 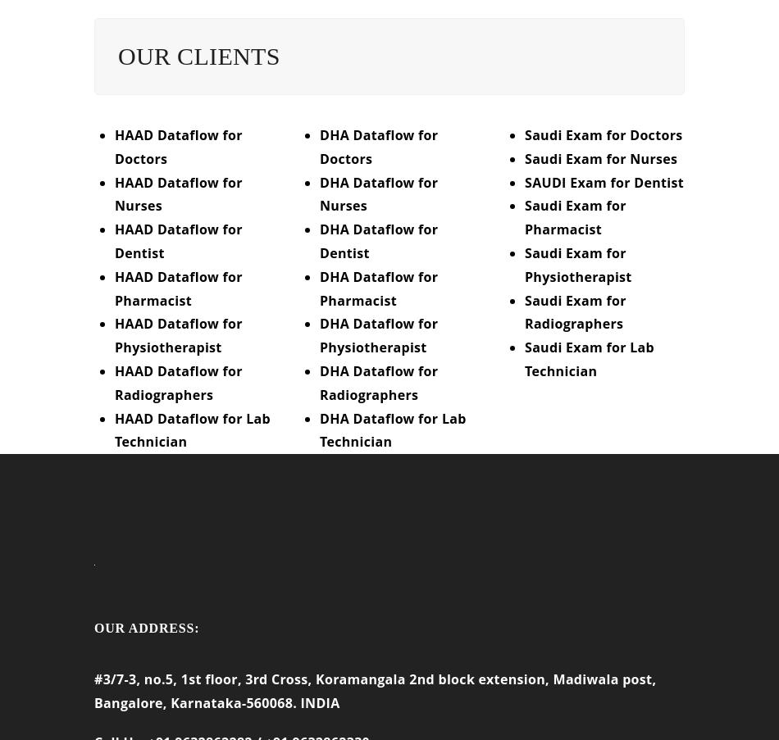 I want to click on 'HAAD Dataflow for Radiographers', so click(x=178, y=393).